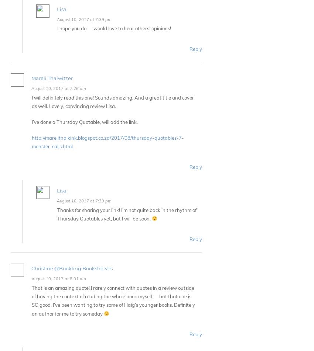 The height and width of the screenshot is (351, 314). I want to click on 'I hope you do — would love to hear others’ opinions!', so click(114, 28).